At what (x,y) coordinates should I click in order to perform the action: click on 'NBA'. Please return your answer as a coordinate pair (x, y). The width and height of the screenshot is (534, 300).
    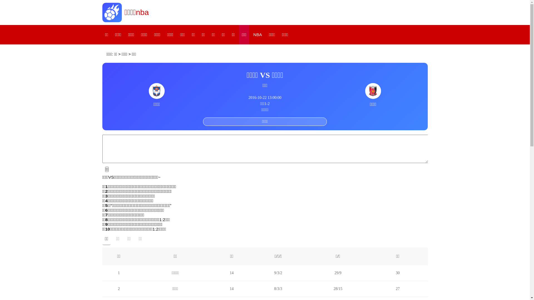
    Looking at the image, I should click on (257, 34).